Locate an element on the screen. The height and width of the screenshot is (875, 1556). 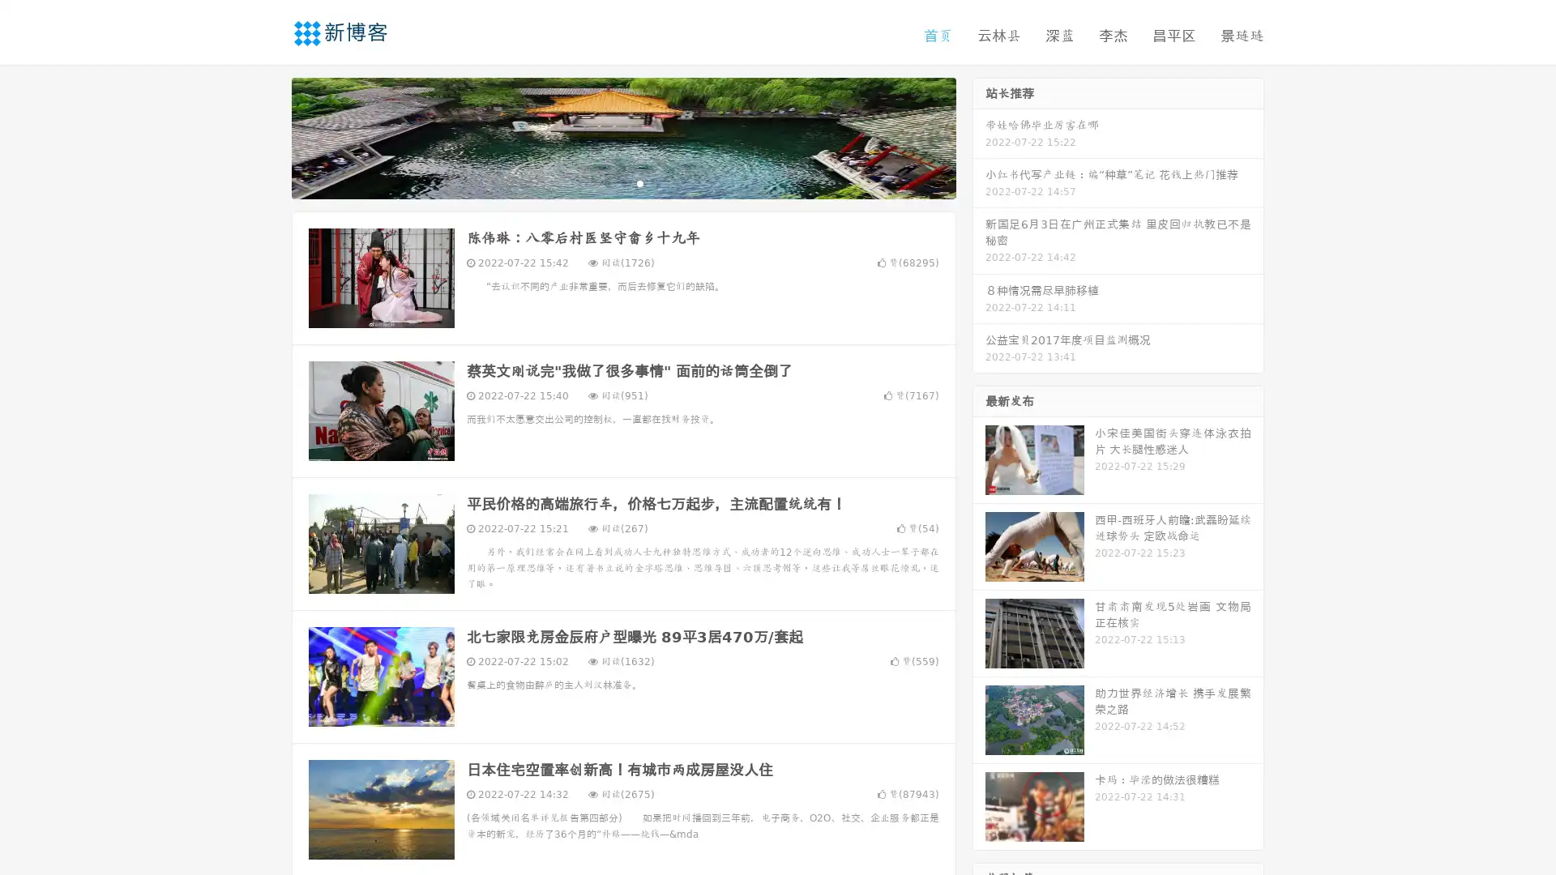
Go to slide 1 is located at coordinates (606, 182).